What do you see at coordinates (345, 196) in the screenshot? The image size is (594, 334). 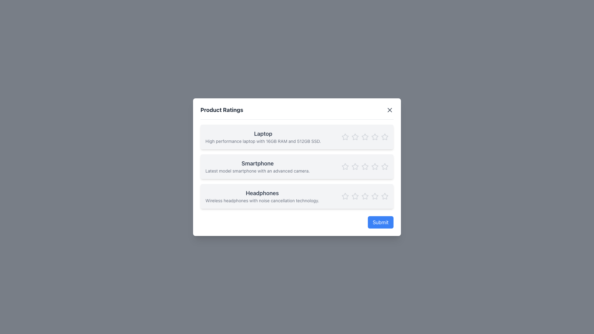 I see `the first rating star icon associated with the 'Headphones' product` at bounding box center [345, 196].